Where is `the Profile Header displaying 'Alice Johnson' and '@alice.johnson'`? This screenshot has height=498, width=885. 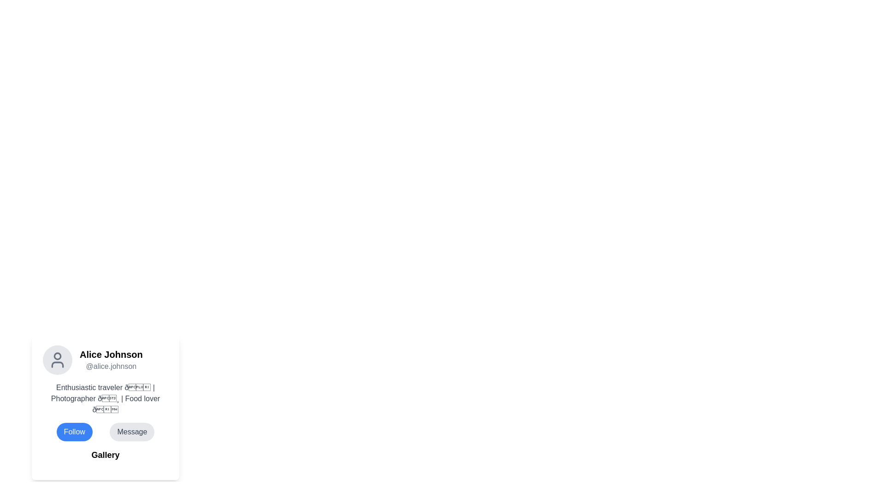
the Profile Header displaying 'Alice Johnson' and '@alice.johnson' is located at coordinates (106, 359).